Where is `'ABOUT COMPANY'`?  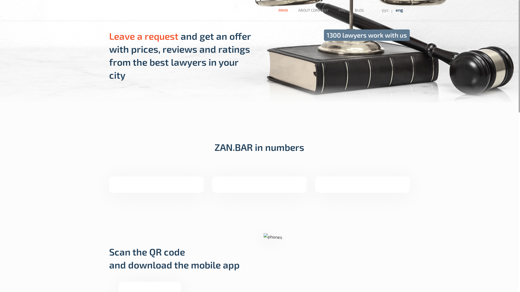
'ABOUT COMPANY' is located at coordinates (313, 10).